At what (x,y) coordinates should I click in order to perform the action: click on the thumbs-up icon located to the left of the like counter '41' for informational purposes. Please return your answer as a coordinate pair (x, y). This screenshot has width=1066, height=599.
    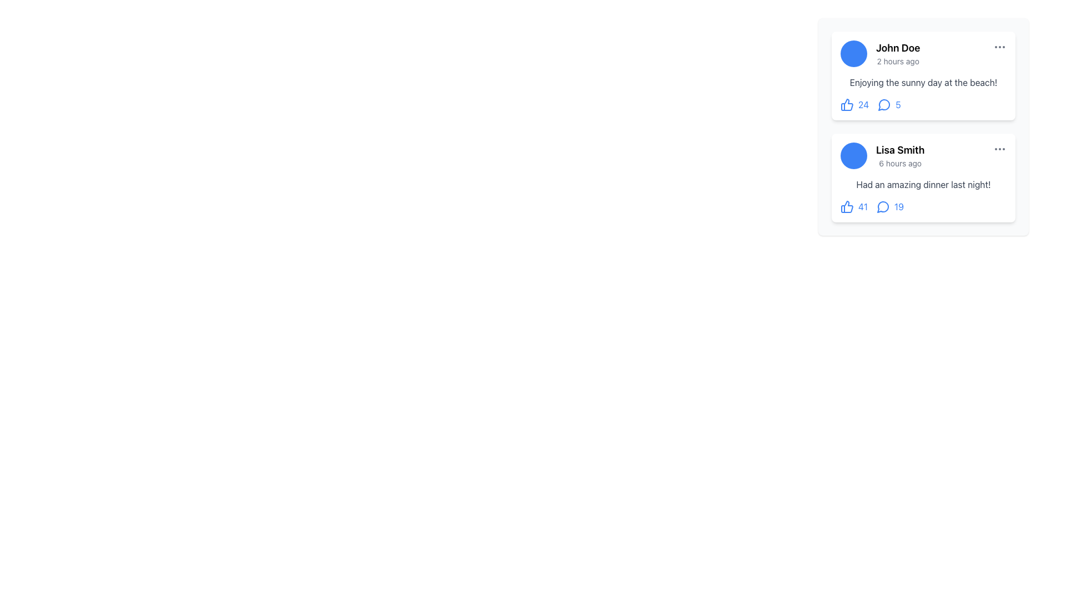
    Looking at the image, I should click on (847, 207).